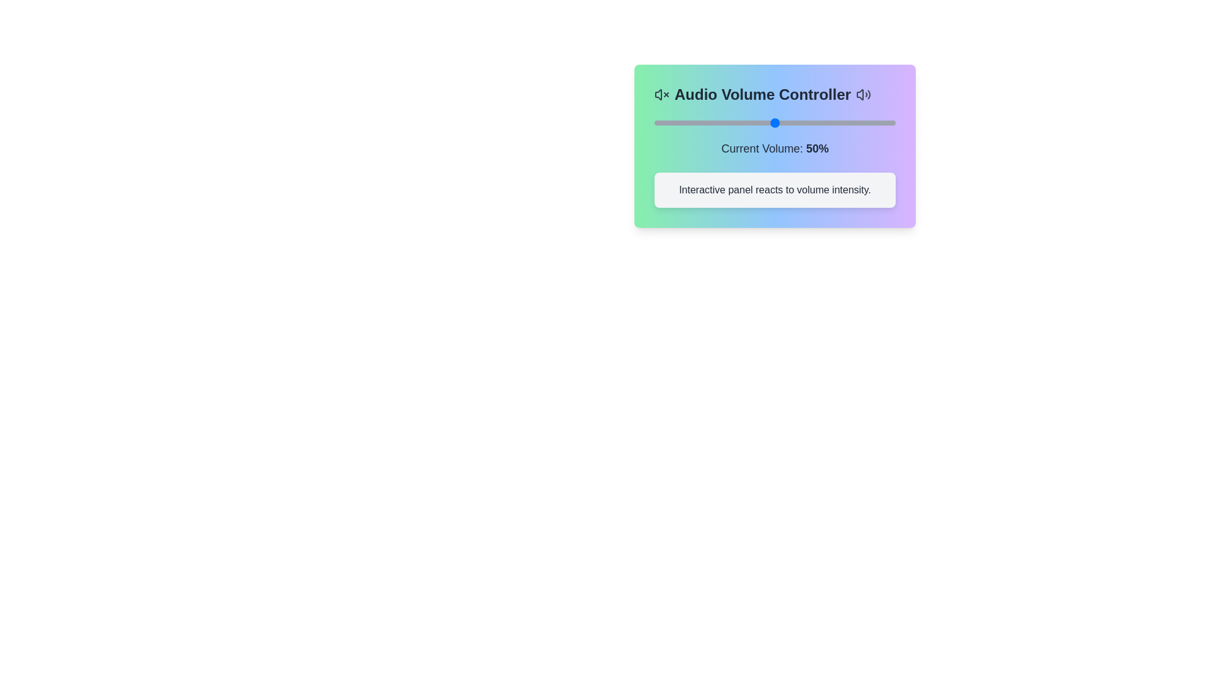  Describe the element at coordinates (871, 123) in the screenshot. I see `the volume slider to set the volume to 90%` at that location.